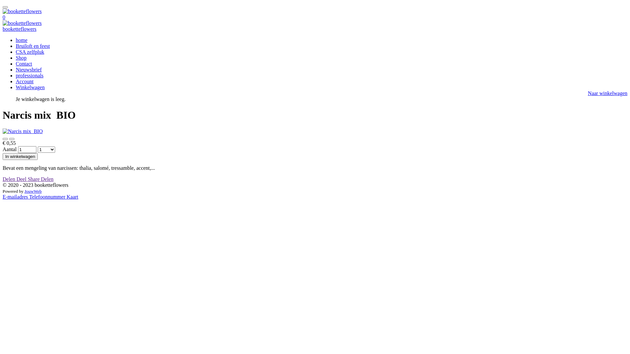 The width and height of the screenshot is (630, 354). I want to click on 'In winkelwagen', so click(20, 156).